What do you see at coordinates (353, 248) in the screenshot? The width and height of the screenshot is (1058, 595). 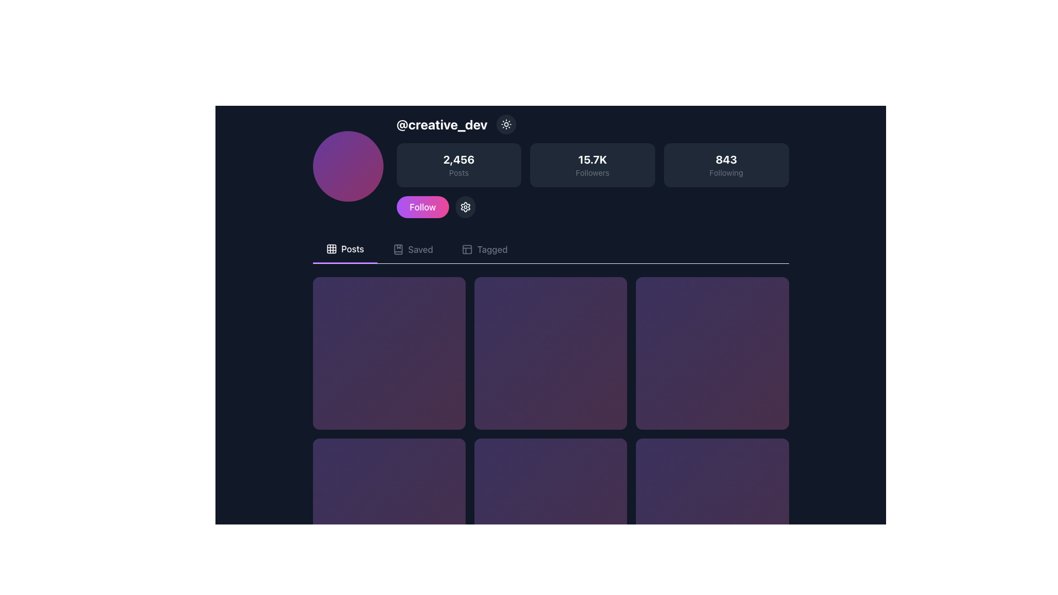 I see `the active 'Posts' tab label in the navigational menu to potentially see a tooltip` at bounding box center [353, 248].